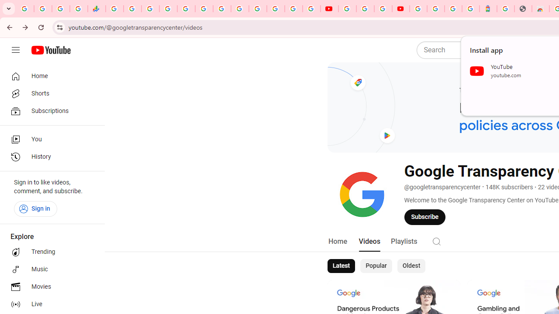 This screenshot has height=314, width=559. I want to click on 'Chrome Web Store - Household', so click(540, 9).